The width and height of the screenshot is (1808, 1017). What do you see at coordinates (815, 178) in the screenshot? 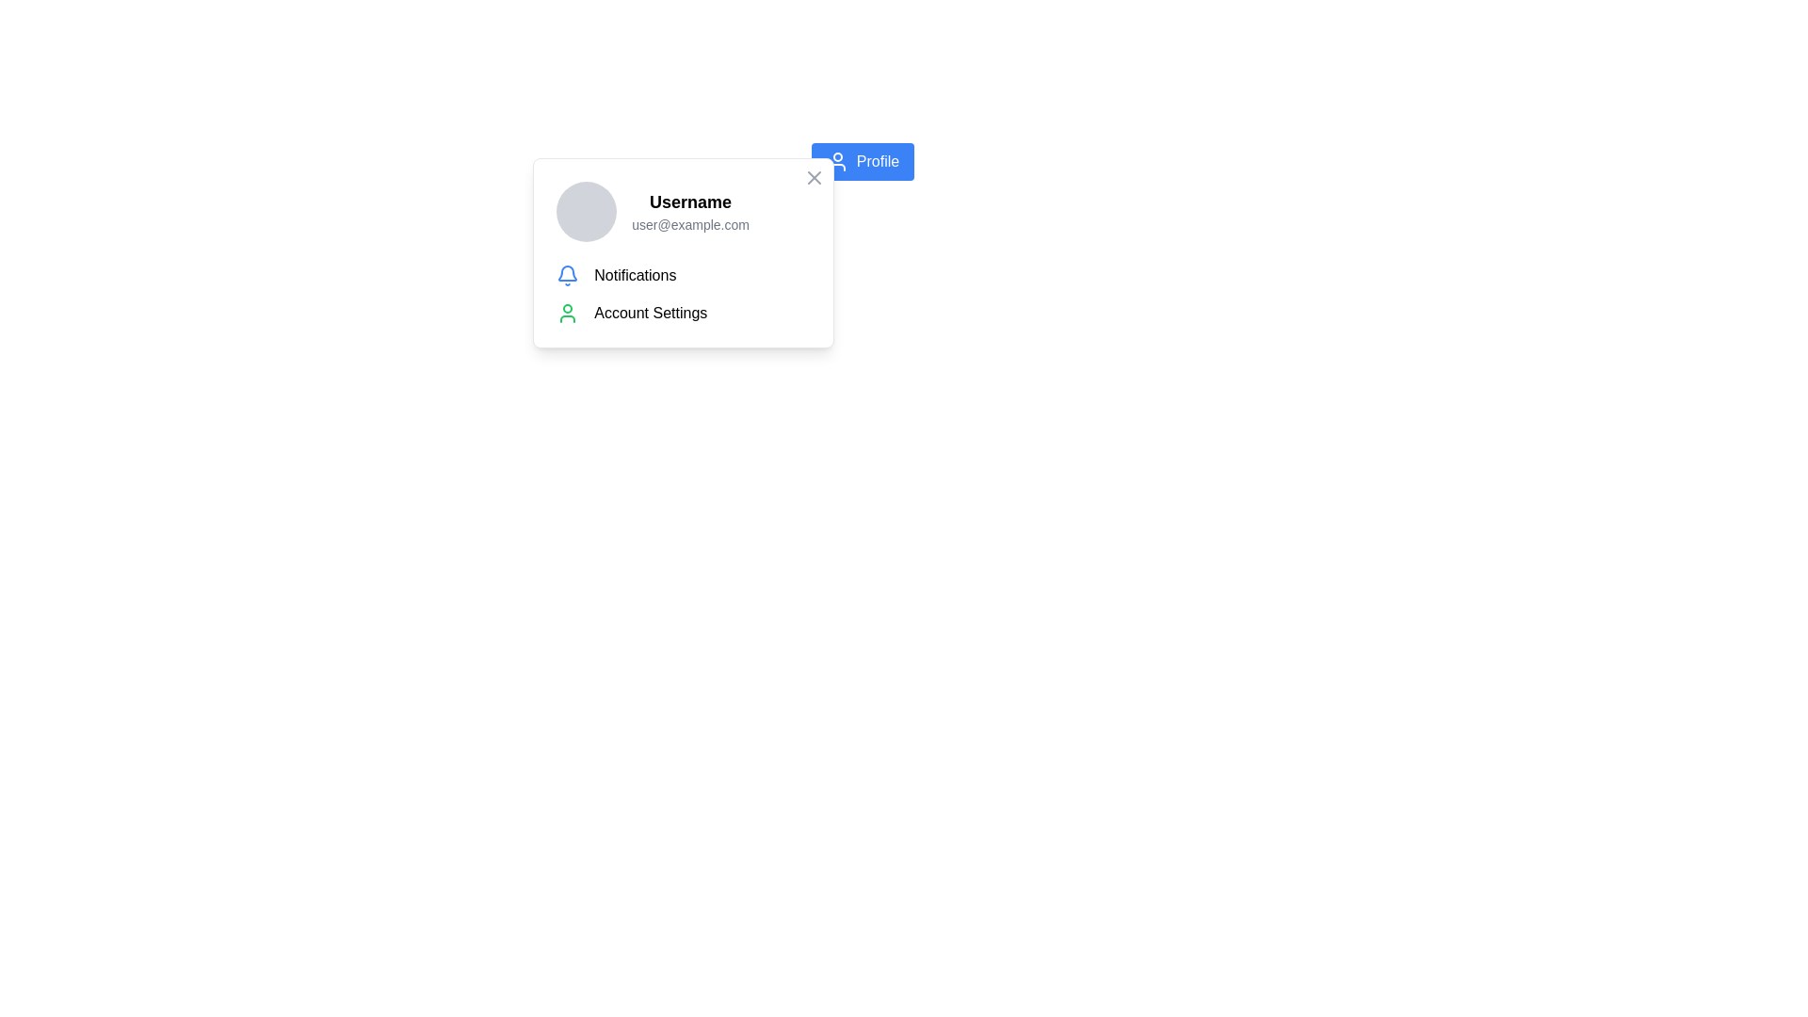
I see `the small 'X' icon, which is a close button located at the top right corner of the user profile card interface, adjacent to the 'Profile' button` at bounding box center [815, 178].